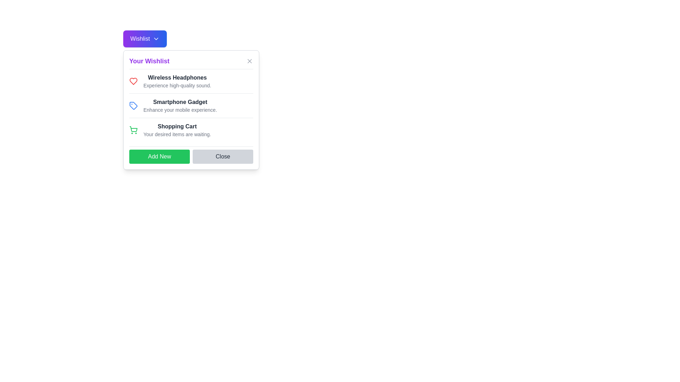 The image size is (680, 382). What do you see at coordinates (134, 81) in the screenshot?
I see `the heart icon that signifies 'Wireless Headphones' is in the wishlist, located to the left of the text 'Wireless Headphones' and 'Experience high-quality sound.'` at bounding box center [134, 81].